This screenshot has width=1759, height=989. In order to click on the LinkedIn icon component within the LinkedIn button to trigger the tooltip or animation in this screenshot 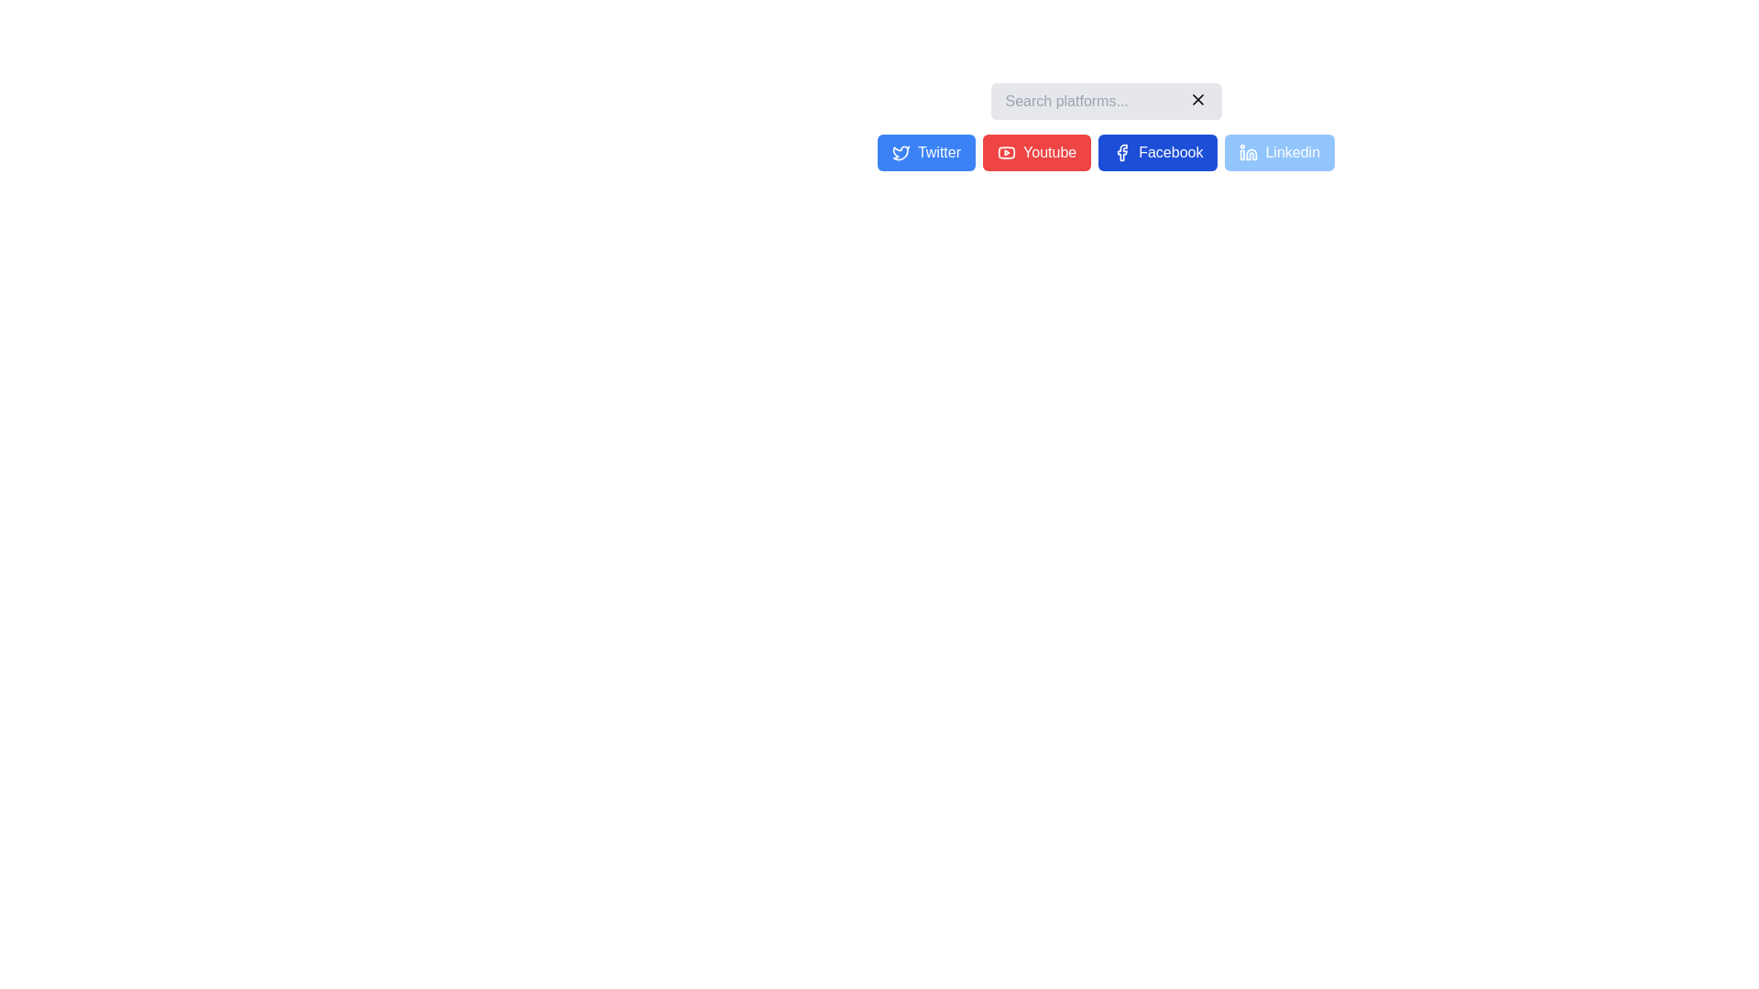, I will do `click(1251, 154)`.